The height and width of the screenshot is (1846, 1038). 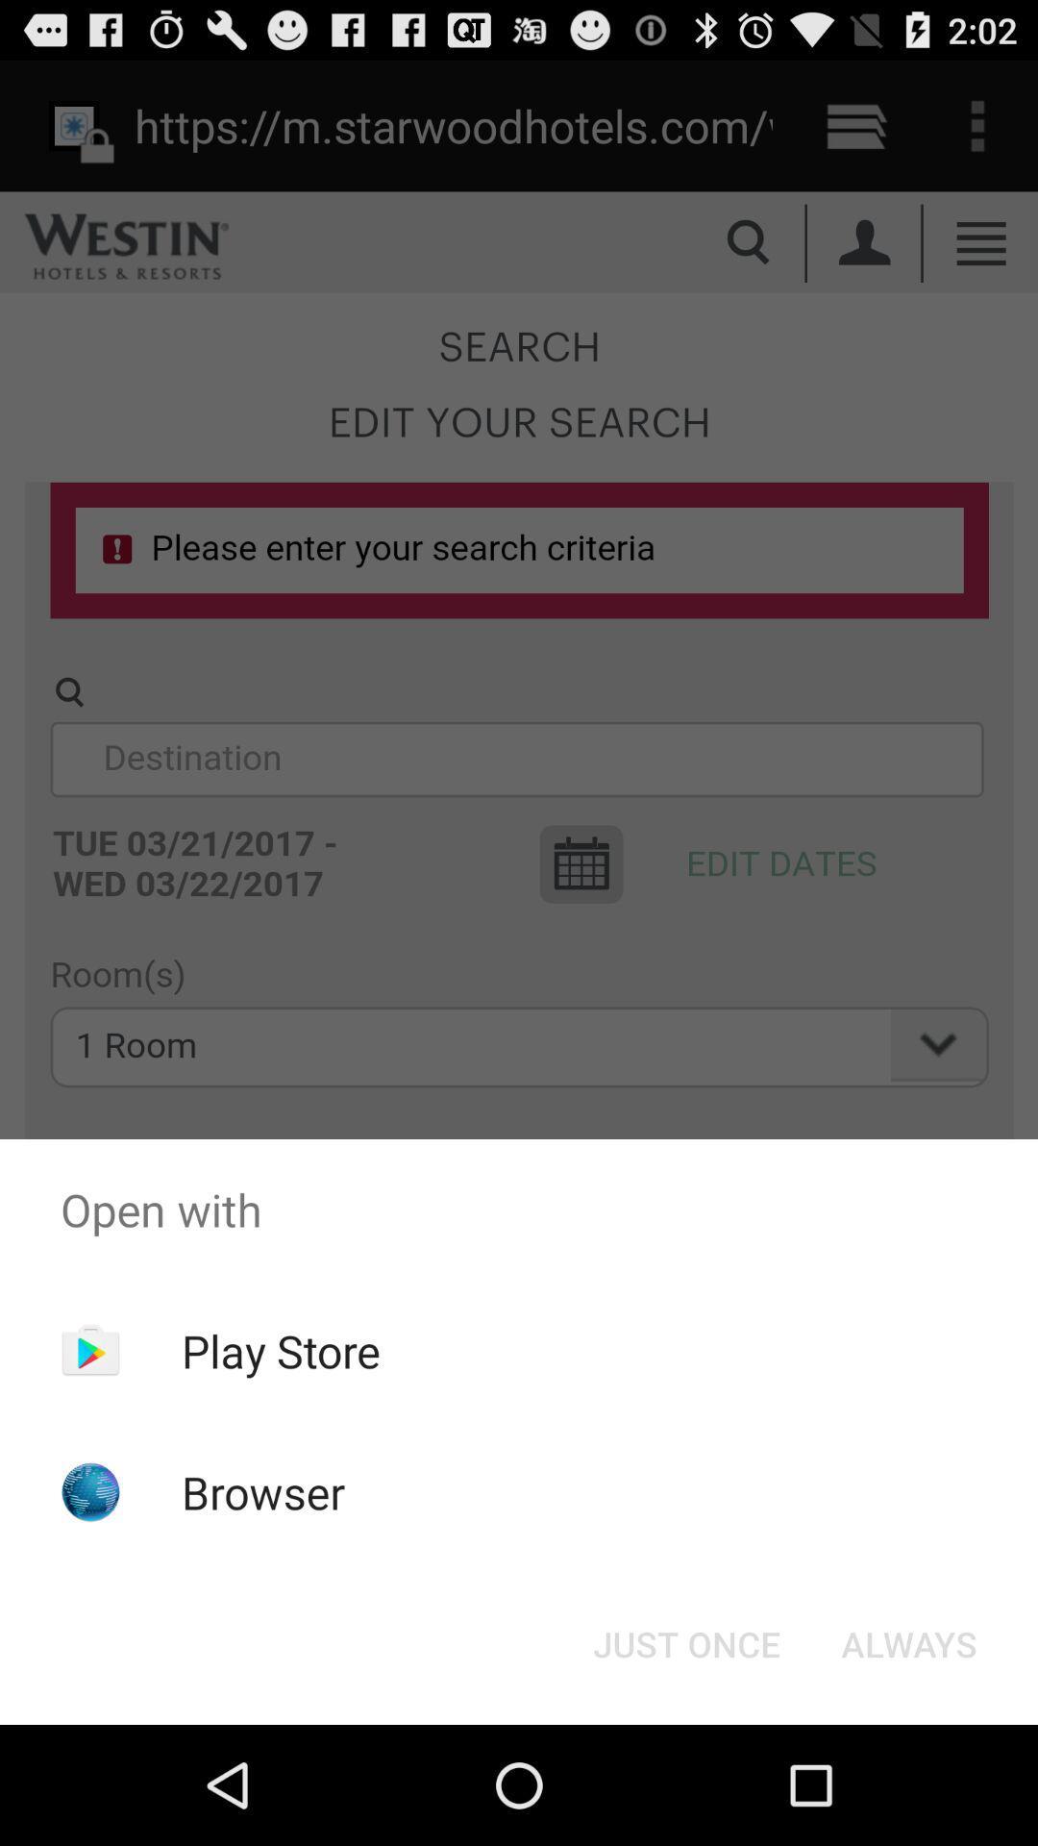 What do you see at coordinates (908, 1642) in the screenshot?
I see `item to the right of just once item` at bounding box center [908, 1642].